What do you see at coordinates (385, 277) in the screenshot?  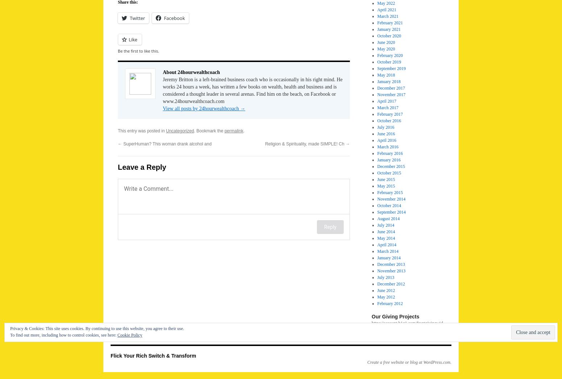 I see `'July 2013'` at bounding box center [385, 277].